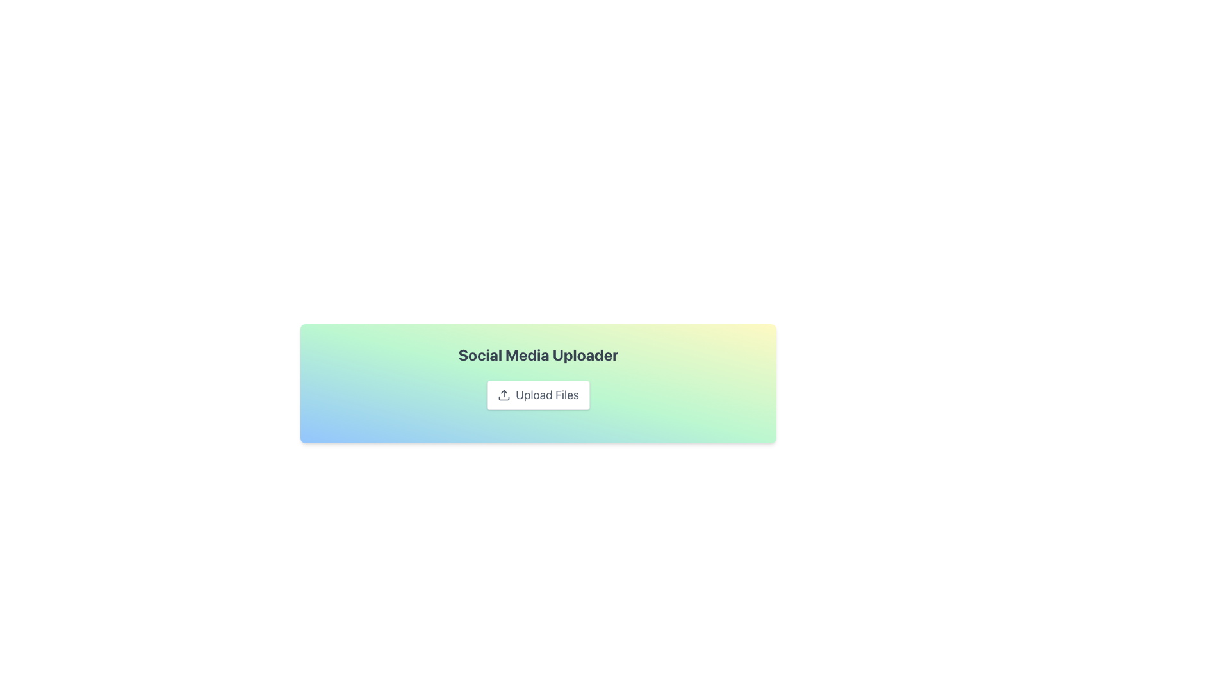 This screenshot has width=1230, height=692. I want to click on the 'Upload Files' button, which is a rectangular button with a light white background and an upward arrow icon, so click(538, 395).